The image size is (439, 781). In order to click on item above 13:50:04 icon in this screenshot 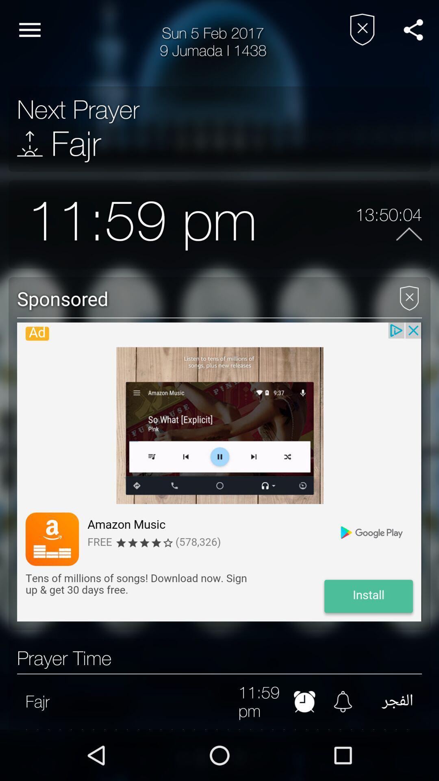, I will do `click(413, 30)`.